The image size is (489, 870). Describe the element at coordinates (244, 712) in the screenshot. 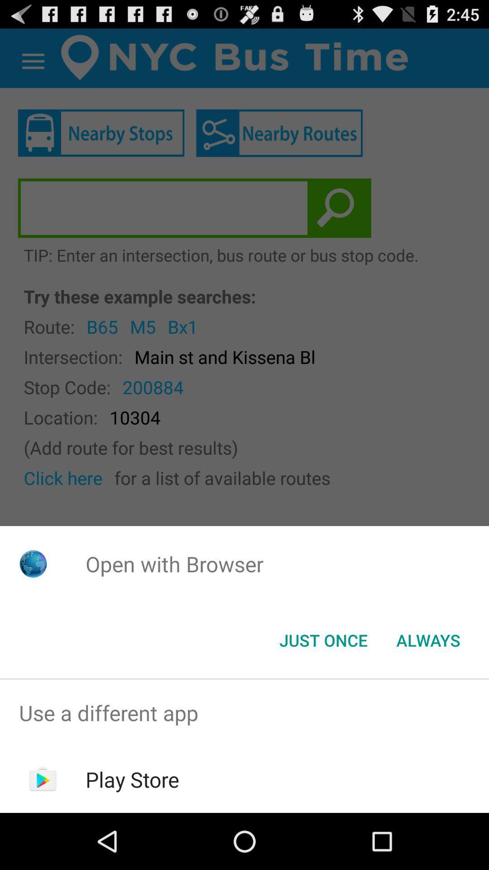

I see `the app above play store item` at that location.